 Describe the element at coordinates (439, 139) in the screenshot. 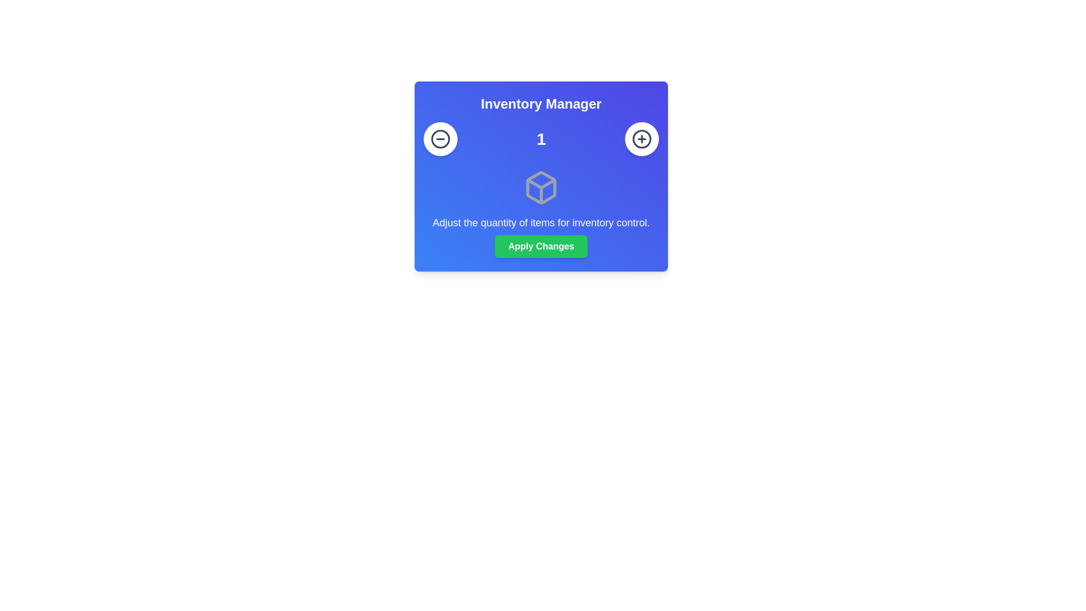

I see `the circle with a minus sign on the left side of the control interface` at that location.